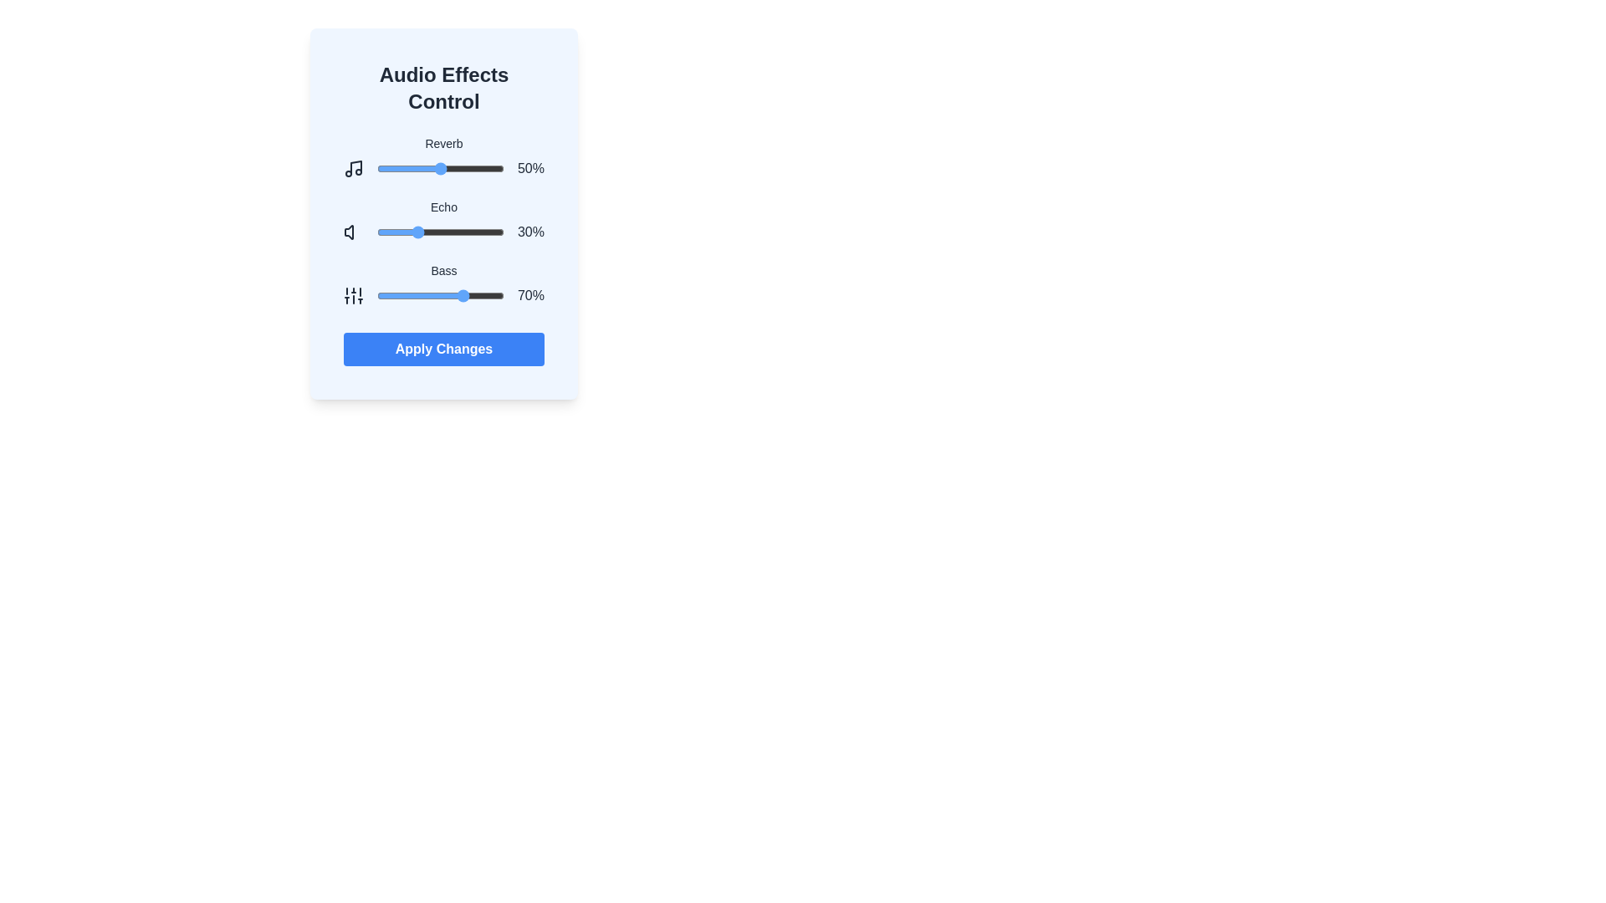 This screenshot has height=903, width=1606. Describe the element at coordinates (451, 232) in the screenshot. I see `the echo effect level` at that location.